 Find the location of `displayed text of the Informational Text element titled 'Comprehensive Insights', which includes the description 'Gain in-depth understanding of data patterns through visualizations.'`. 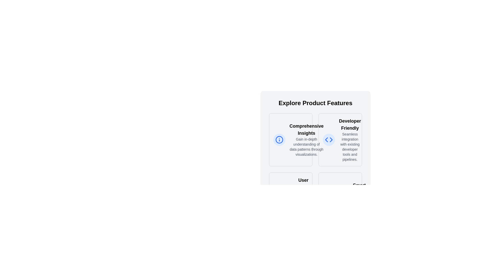

displayed text of the Informational Text element titled 'Comprehensive Insights', which includes the description 'Gain in-depth understanding of data patterns through visualizations.' is located at coordinates (306, 140).